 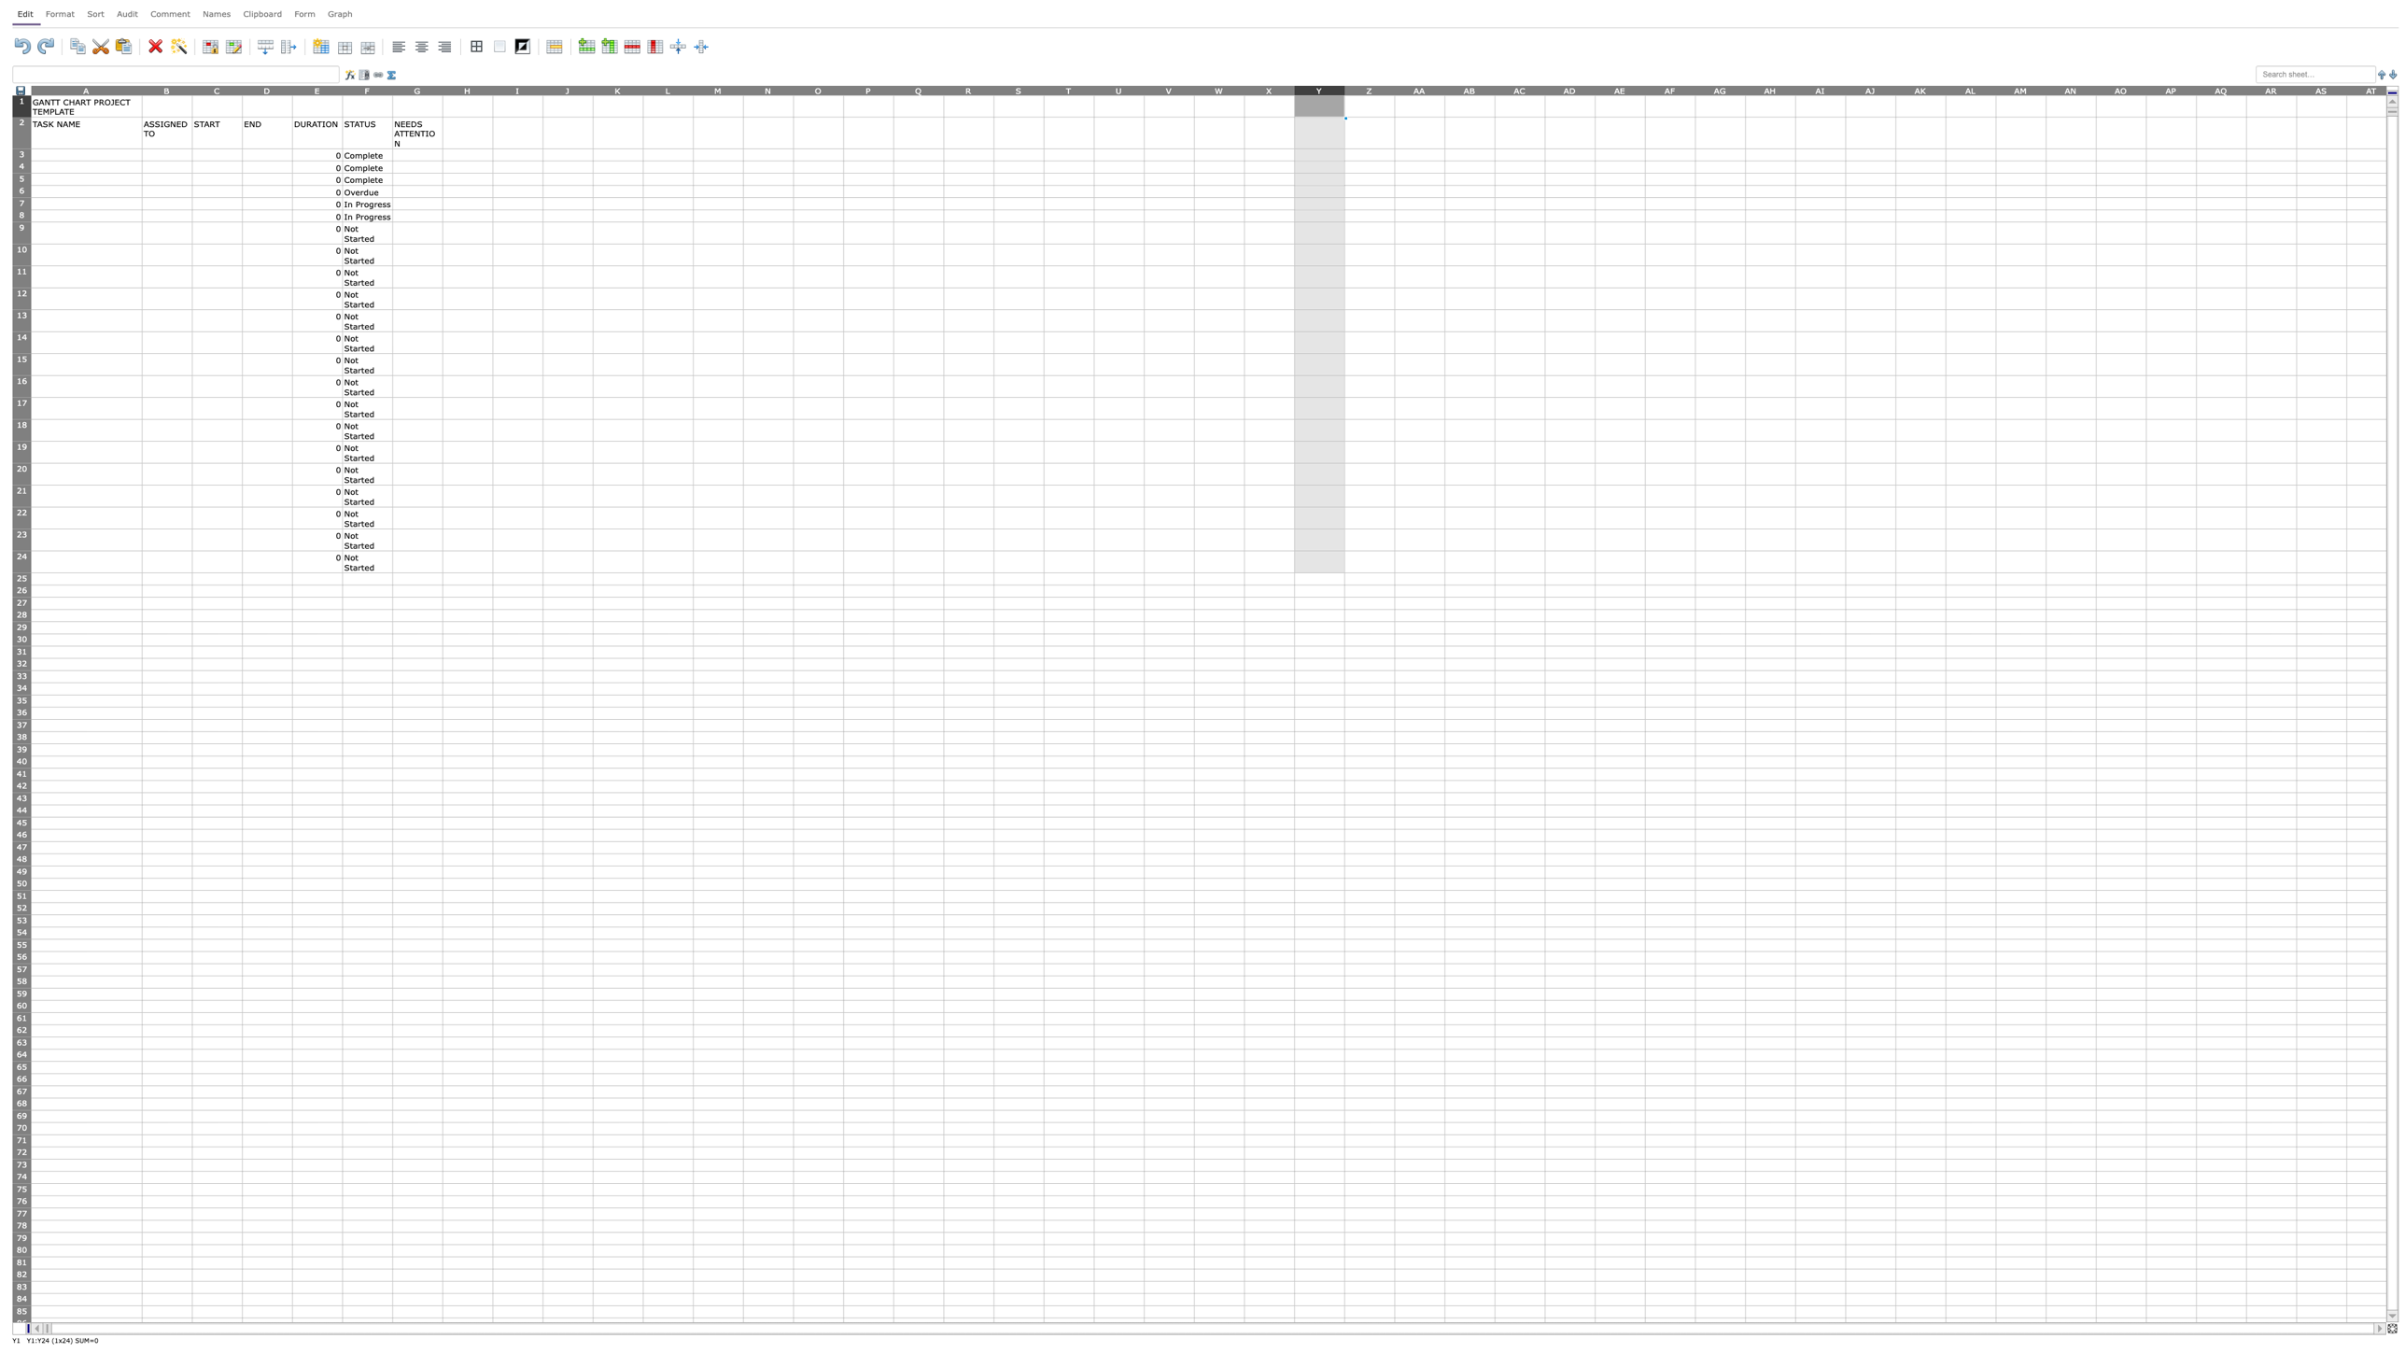 What do you see at coordinates (1444, 89) in the screenshot?
I see `the width adjustment handle for column AA` at bounding box center [1444, 89].